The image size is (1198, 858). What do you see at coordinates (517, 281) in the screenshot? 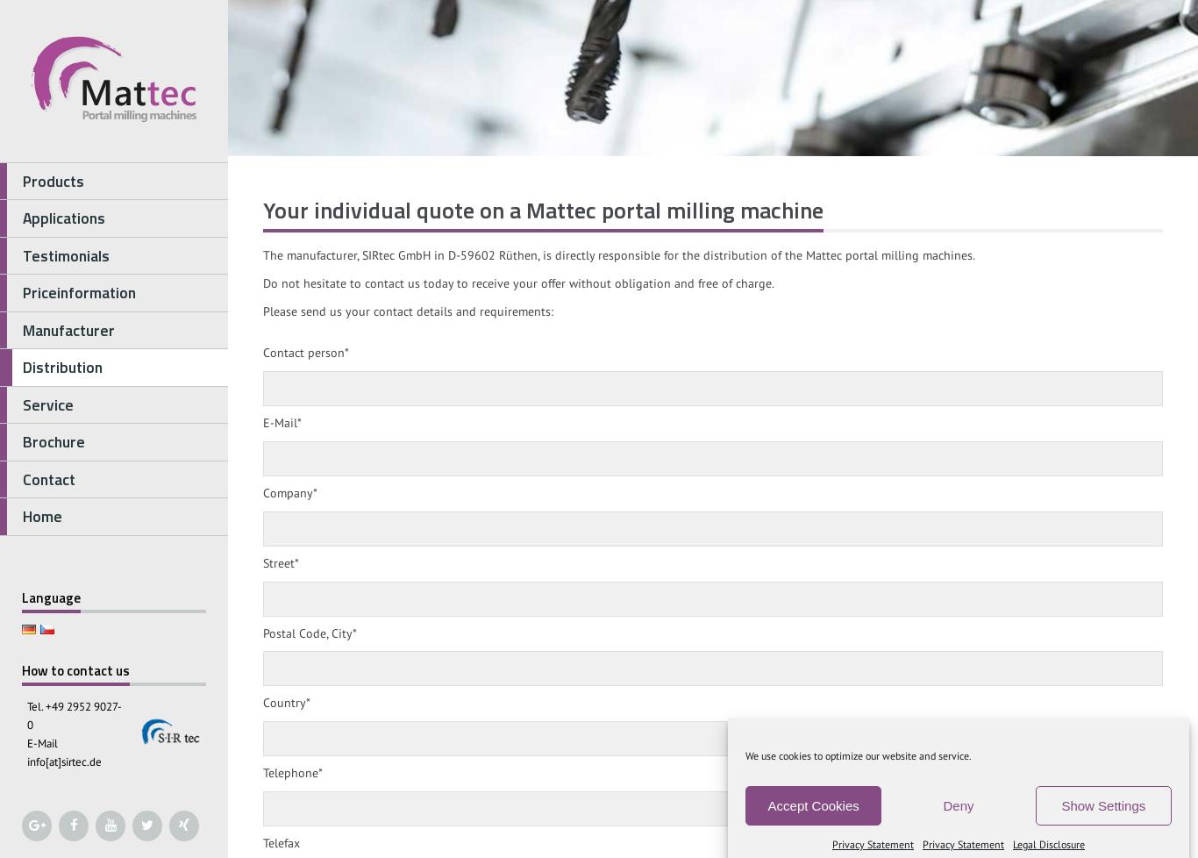
I see `'Do not hesitate to contact us today to receive your offer without obligation and free of charge.'` at bounding box center [517, 281].